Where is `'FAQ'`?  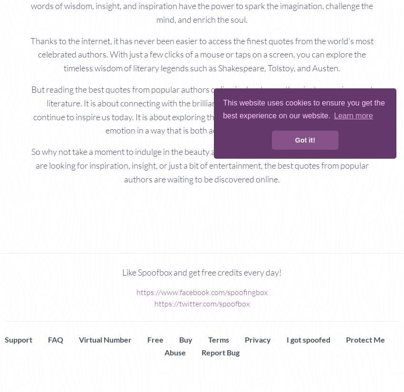
'FAQ' is located at coordinates (47, 339).